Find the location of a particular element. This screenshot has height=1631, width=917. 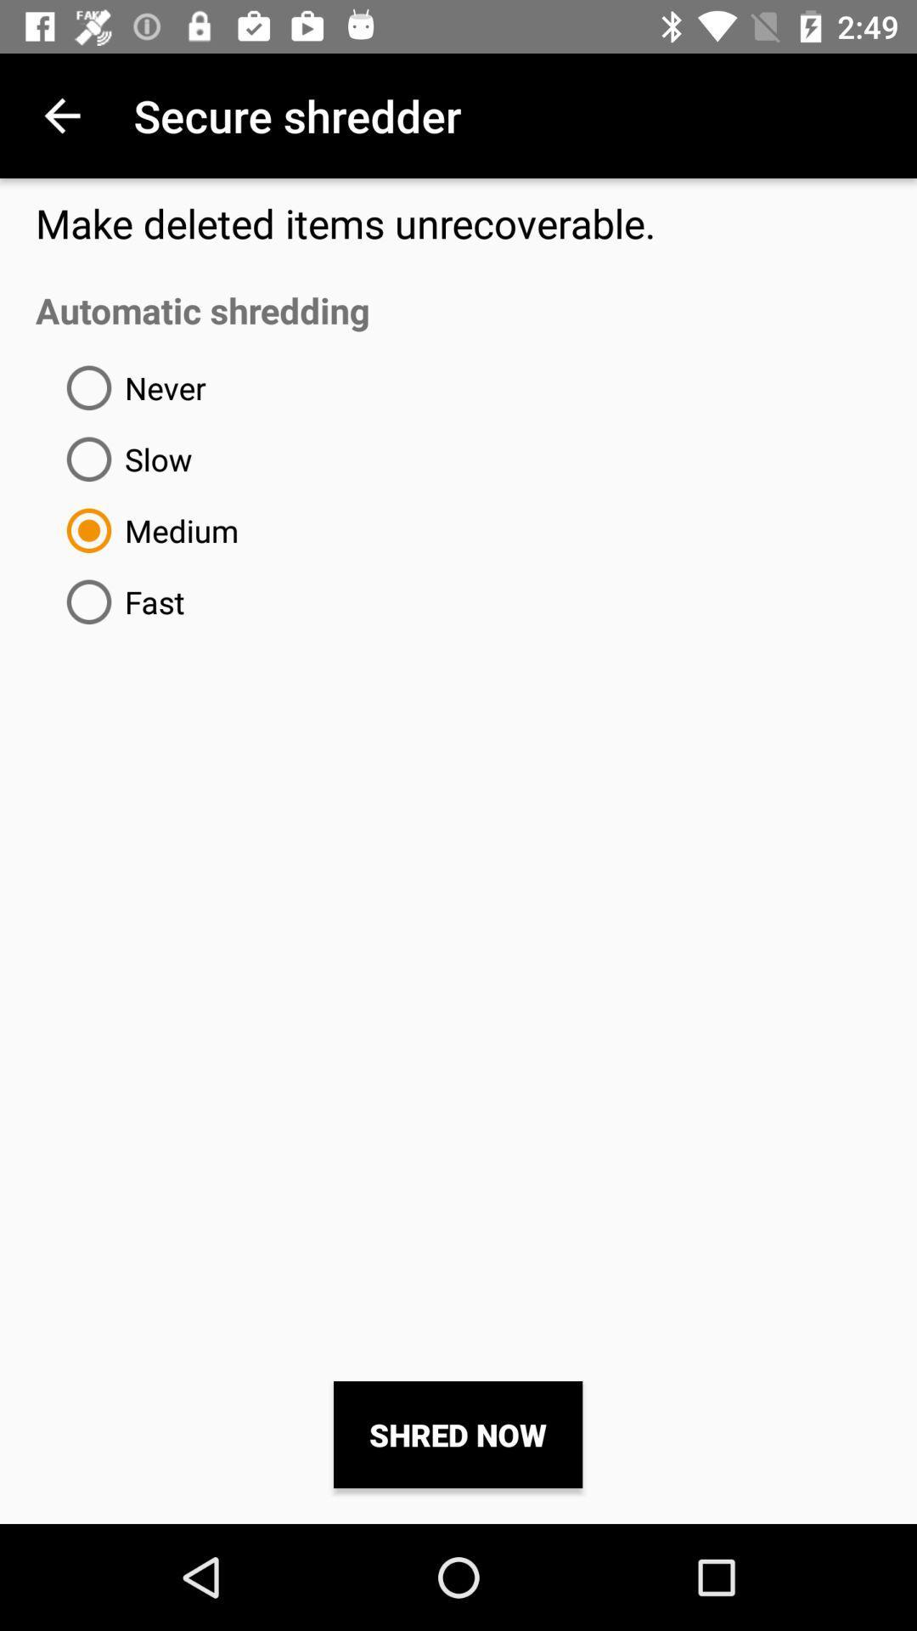

item below automatic shredding icon is located at coordinates (457, 1434).